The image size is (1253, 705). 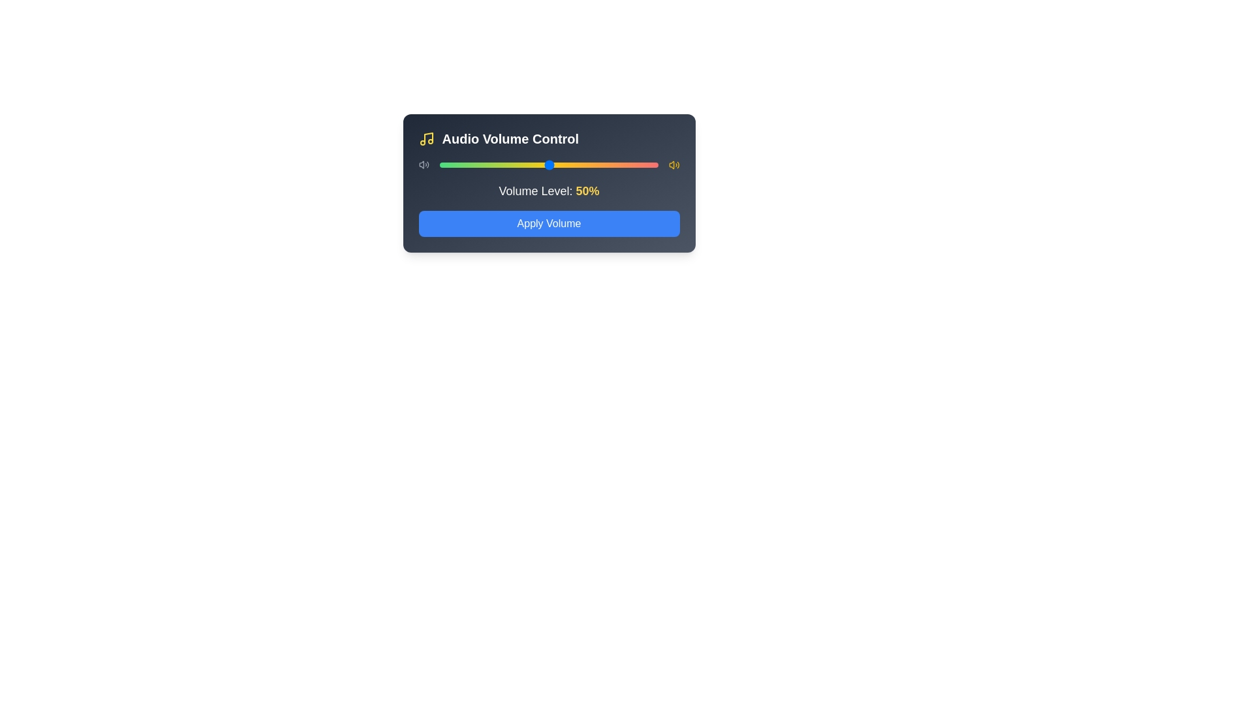 I want to click on the volume slider to set the volume to 38%, so click(x=523, y=164).